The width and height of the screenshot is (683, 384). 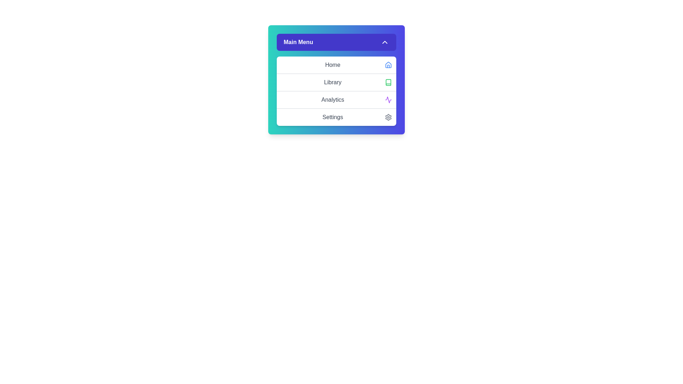 What do you see at coordinates (388, 65) in the screenshot?
I see `the icon associated with the Home menu item` at bounding box center [388, 65].